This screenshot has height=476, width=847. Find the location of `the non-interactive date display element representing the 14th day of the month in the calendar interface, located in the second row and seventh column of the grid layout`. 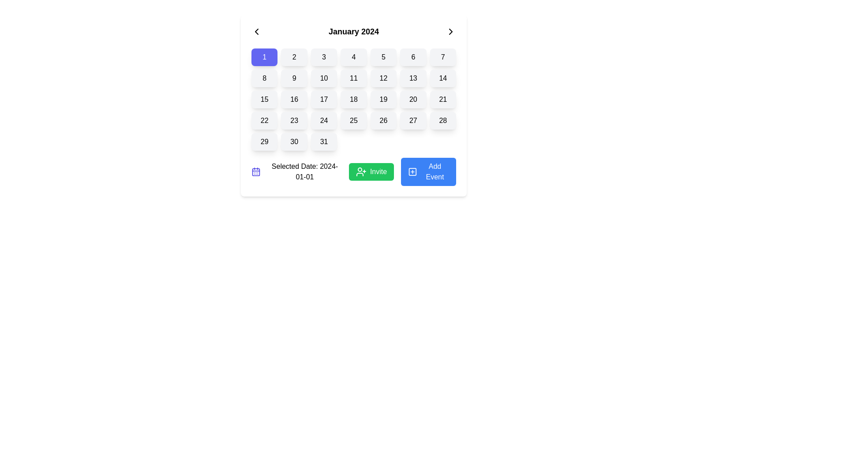

the non-interactive date display element representing the 14th day of the month in the calendar interface, located in the second row and seventh column of the grid layout is located at coordinates (443, 78).